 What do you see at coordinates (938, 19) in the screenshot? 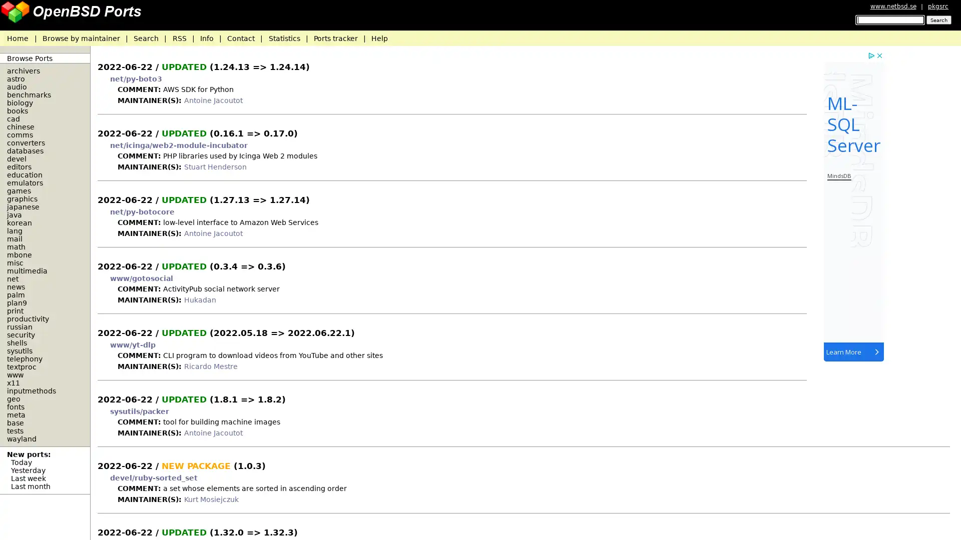
I see `Search` at bounding box center [938, 19].